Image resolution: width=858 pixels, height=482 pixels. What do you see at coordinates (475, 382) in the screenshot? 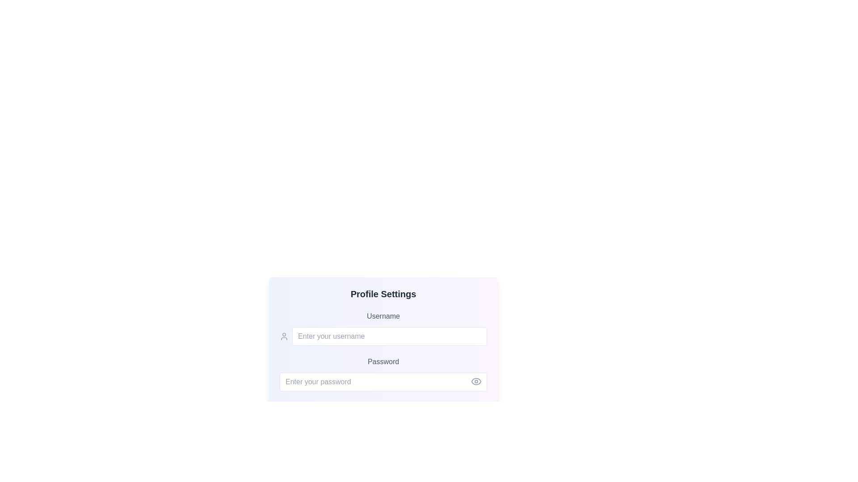
I see `the interactive toggle button for password visibility located at the far right edge of the password input field` at bounding box center [475, 382].